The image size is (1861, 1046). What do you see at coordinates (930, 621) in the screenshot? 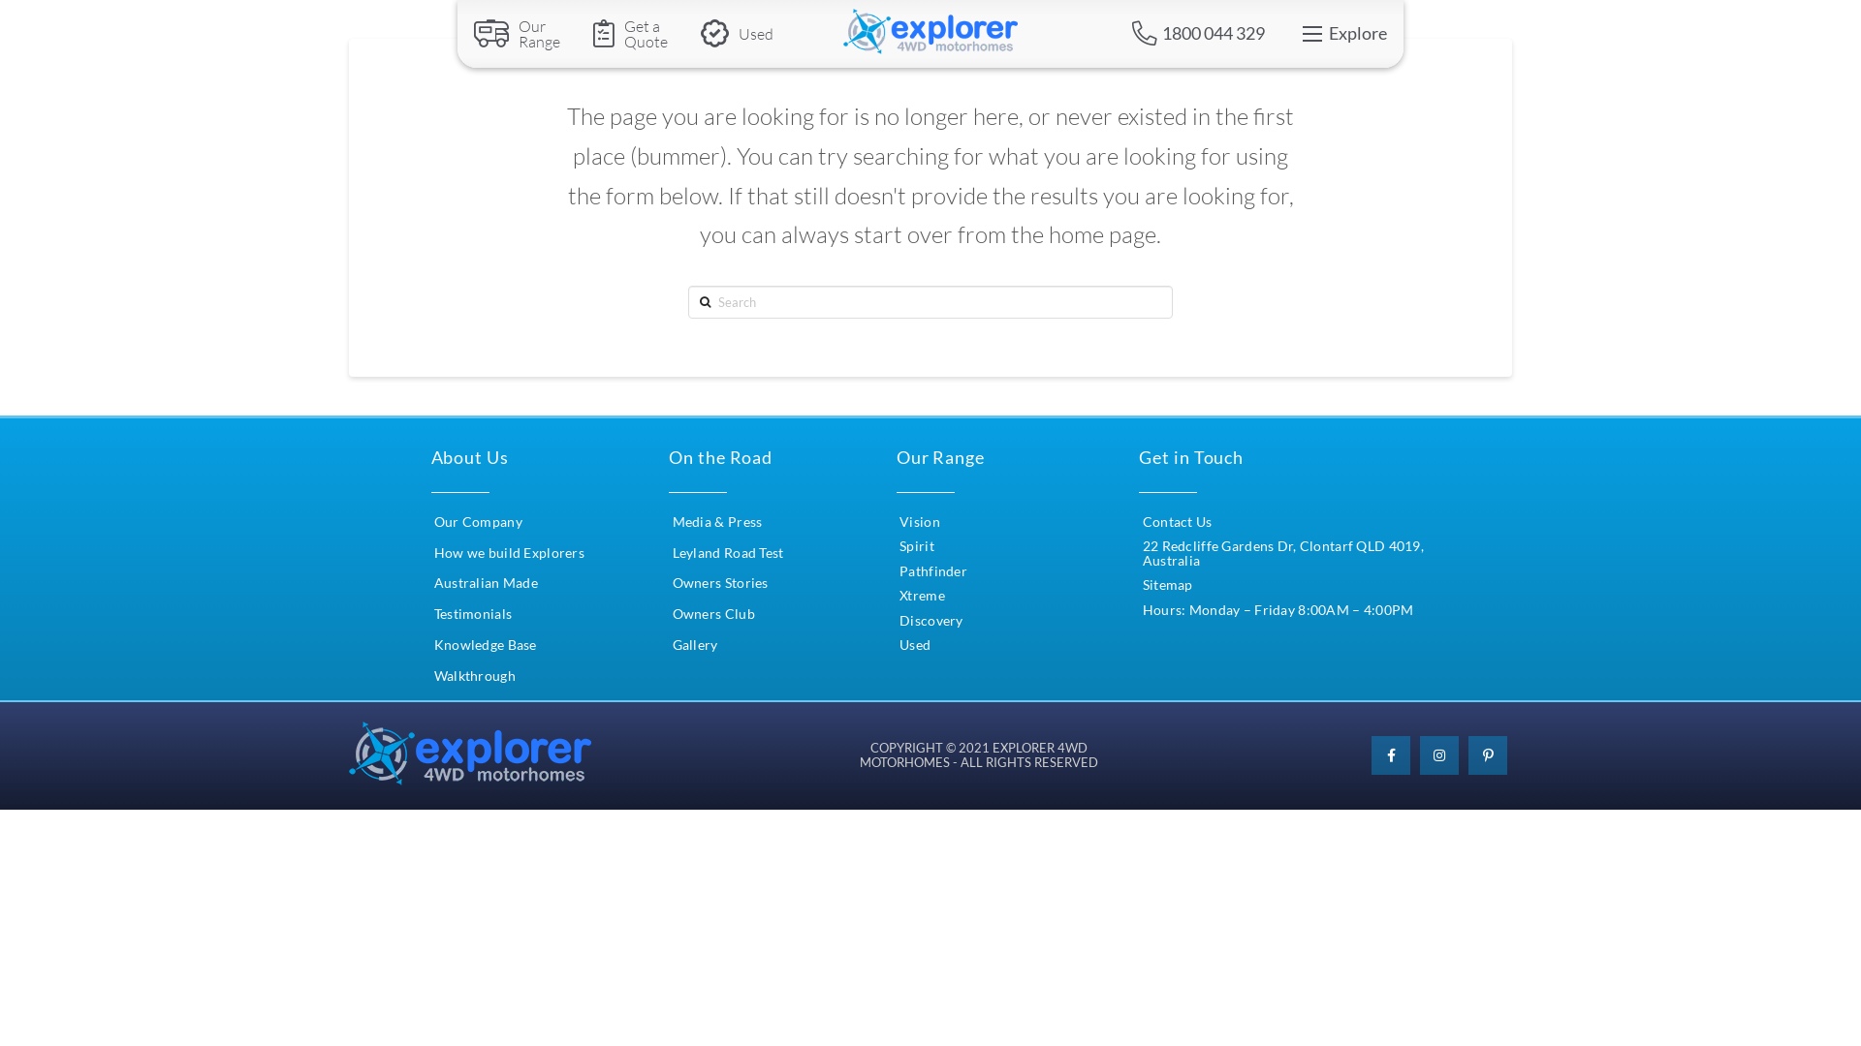
I see `'Discovery'` at bounding box center [930, 621].